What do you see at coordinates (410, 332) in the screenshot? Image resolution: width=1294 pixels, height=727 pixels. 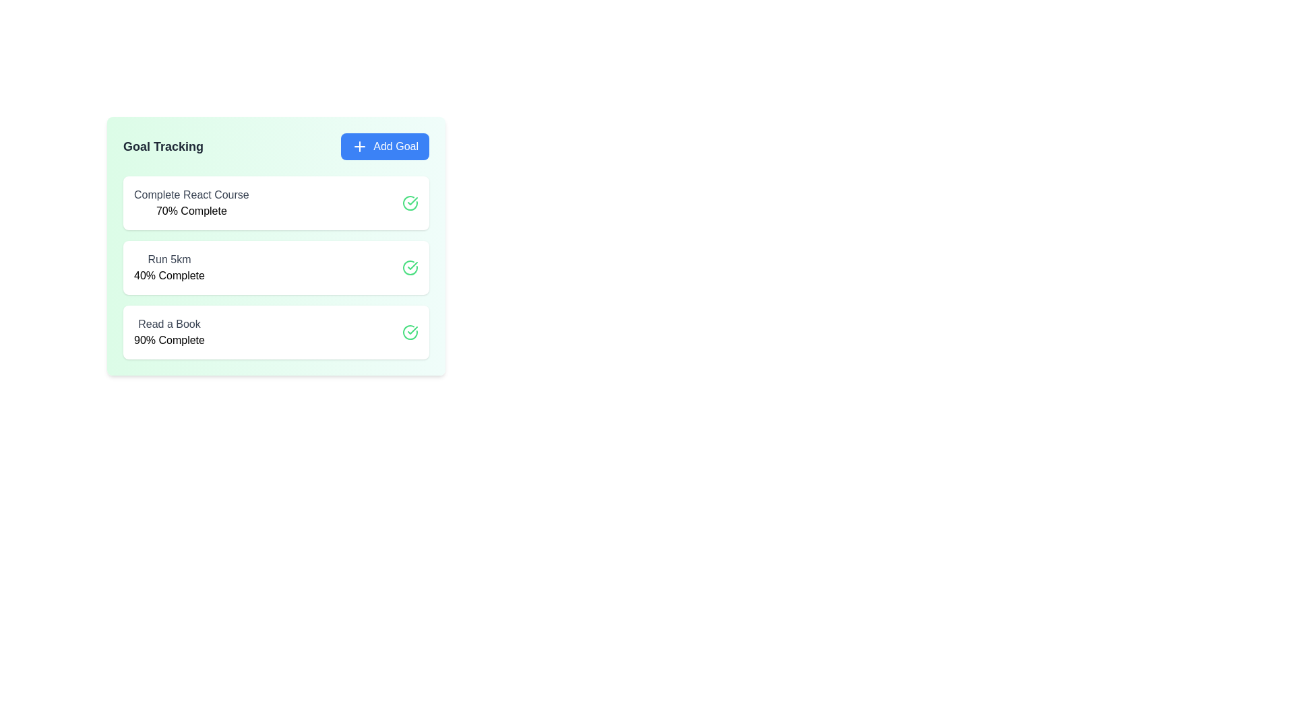 I see `the green-highlighted checkmark icon to confirm the completion of the 'Read a Book' task` at bounding box center [410, 332].